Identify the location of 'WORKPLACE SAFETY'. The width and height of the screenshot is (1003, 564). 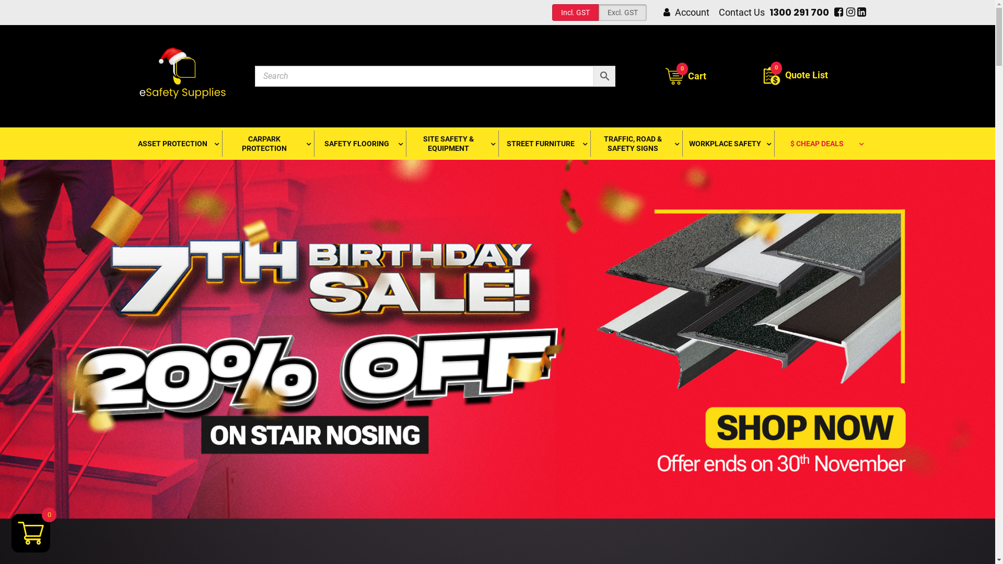
(682, 143).